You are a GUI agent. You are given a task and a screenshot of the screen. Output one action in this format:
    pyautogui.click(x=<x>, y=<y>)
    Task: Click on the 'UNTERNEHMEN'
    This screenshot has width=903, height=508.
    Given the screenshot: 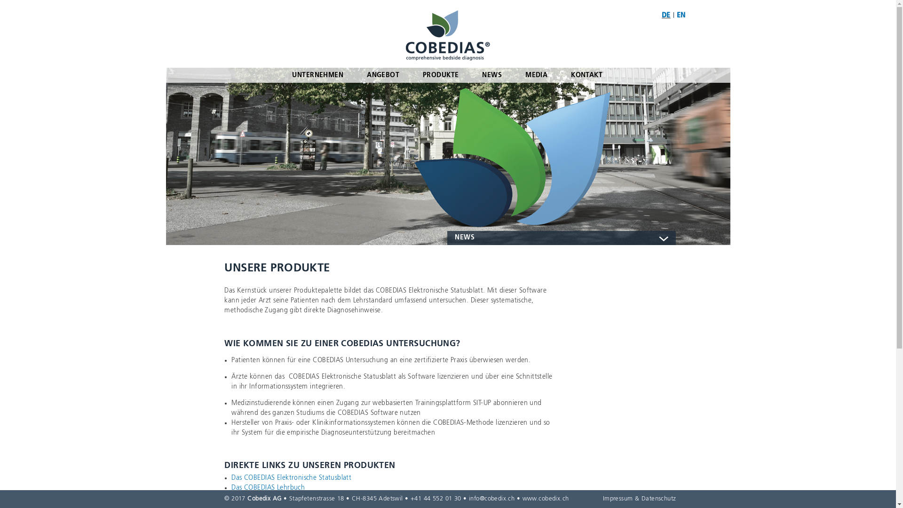 What is the action you would take?
    pyautogui.click(x=317, y=74)
    